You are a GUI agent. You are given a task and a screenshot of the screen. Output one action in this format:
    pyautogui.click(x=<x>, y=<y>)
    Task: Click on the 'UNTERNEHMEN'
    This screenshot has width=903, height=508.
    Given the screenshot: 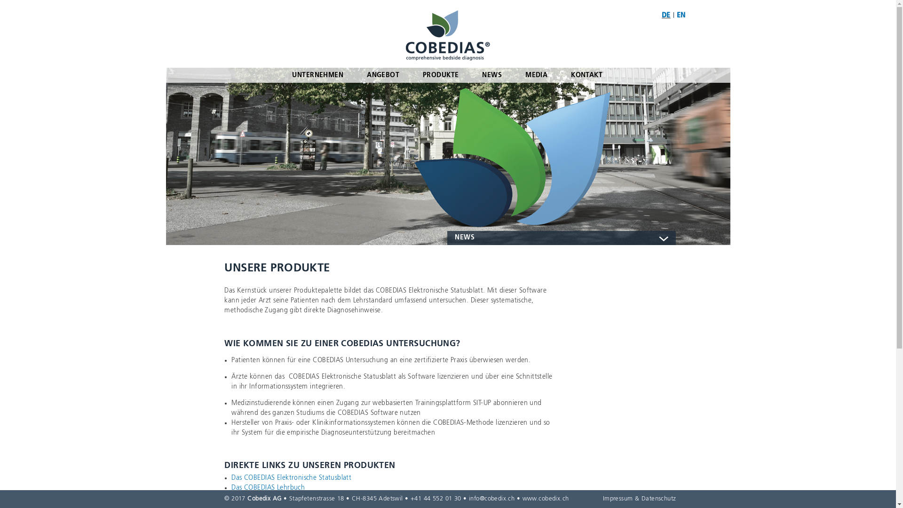 What is the action you would take?
    pyautogui.click(x=317, y=74)
    